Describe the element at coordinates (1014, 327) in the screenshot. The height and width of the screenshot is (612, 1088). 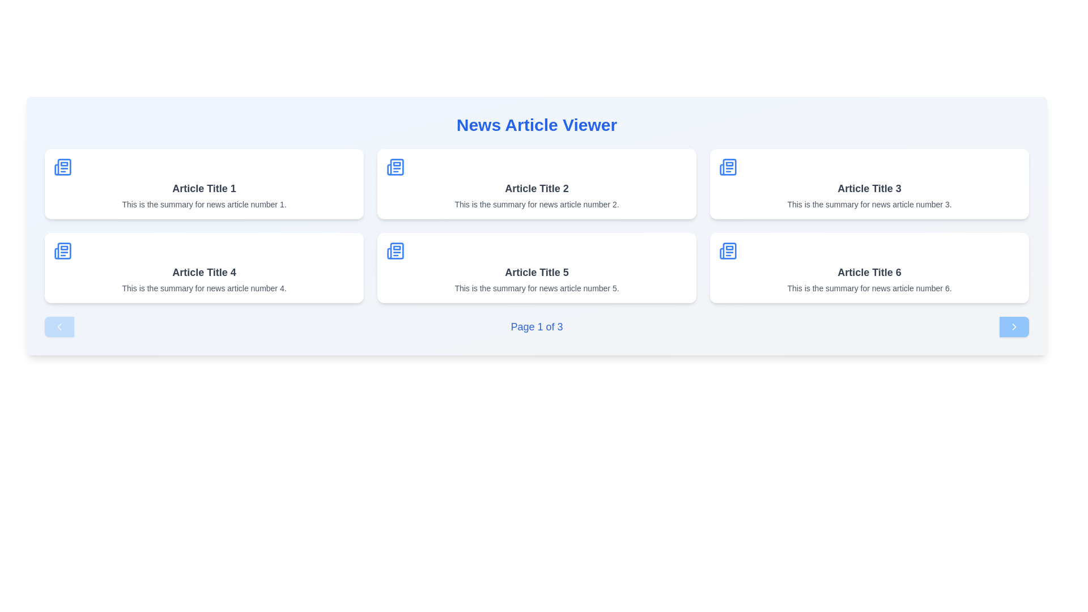
I see `the rightward-pointing chevron button with a blue background located in the bottom-right corner of the pagination component to receive visual feedback` at that location.